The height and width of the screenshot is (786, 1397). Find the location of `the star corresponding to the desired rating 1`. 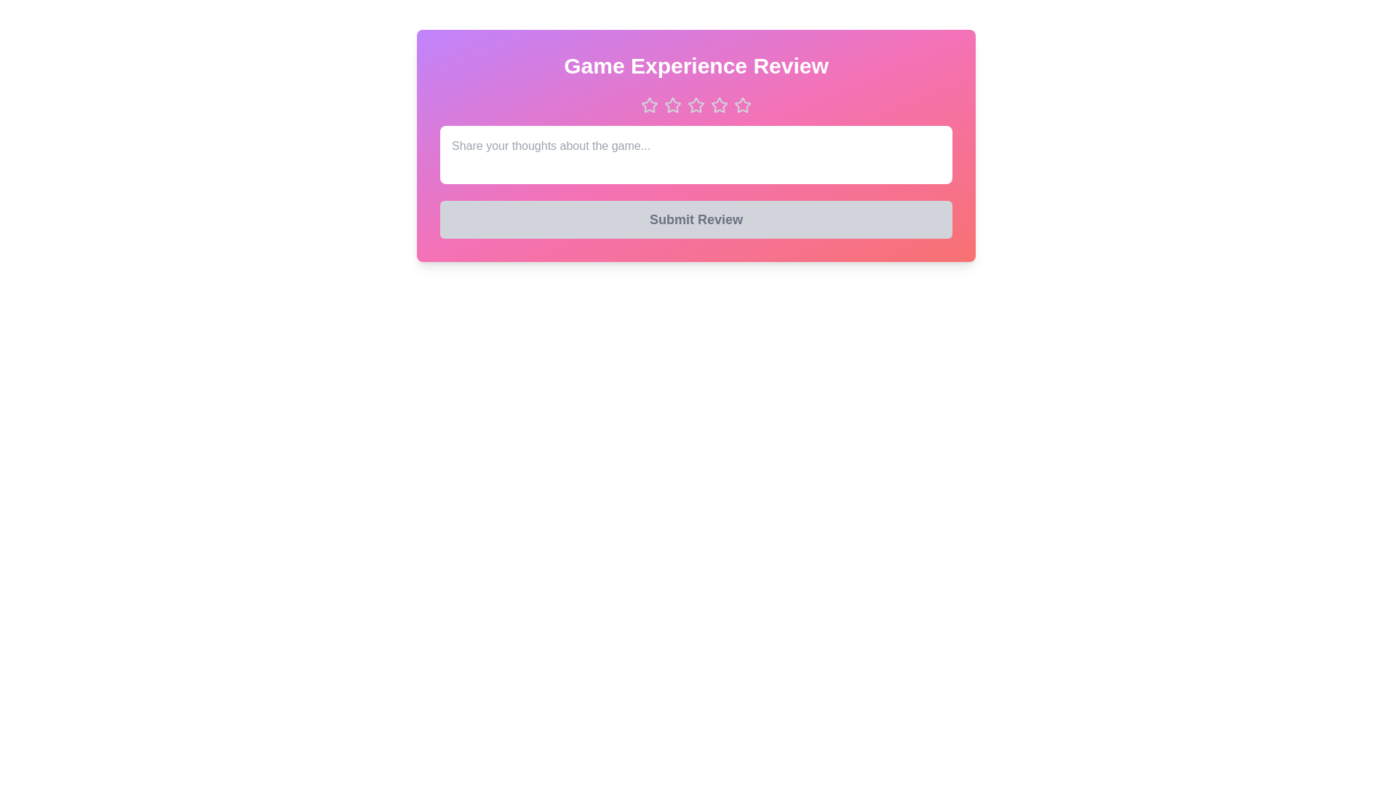

the star corresponding to the desired rating 1 is located at coordinates (648, 105).